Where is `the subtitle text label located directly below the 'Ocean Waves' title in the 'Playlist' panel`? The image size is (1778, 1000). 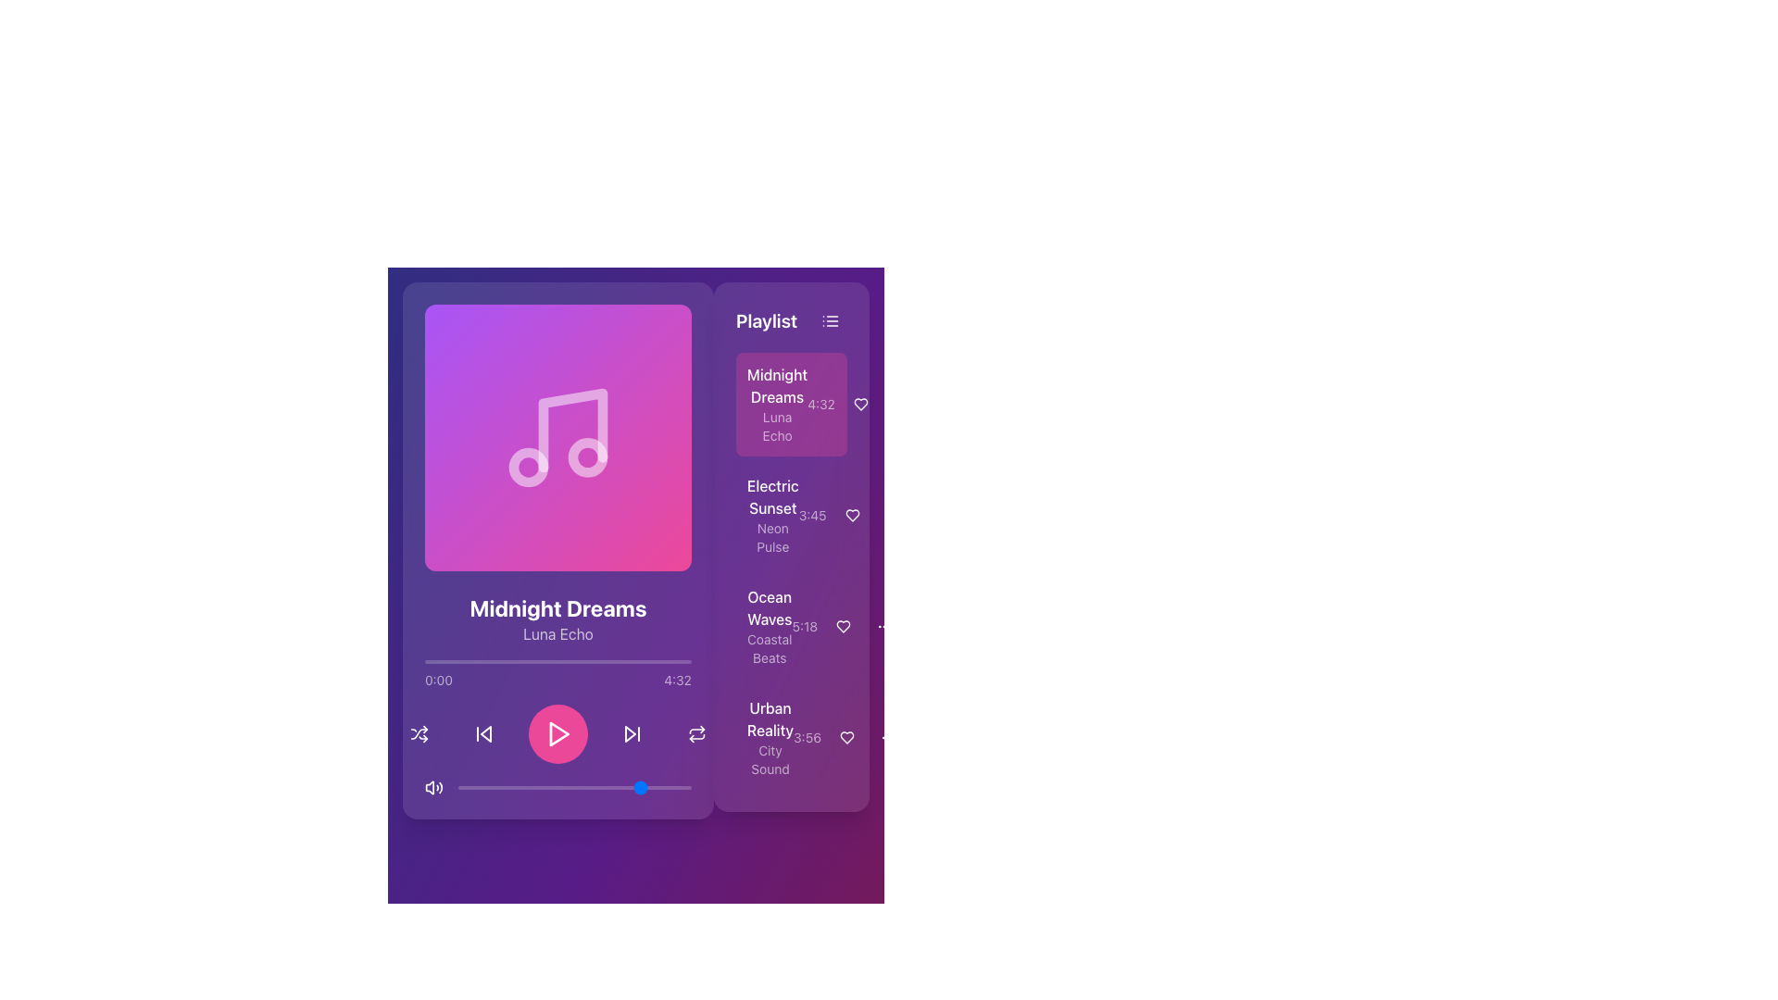 the subtitle text label located directly below the 'Ocean Waves' title in the 'Playlist' panel is located at coordinates (770, 648).